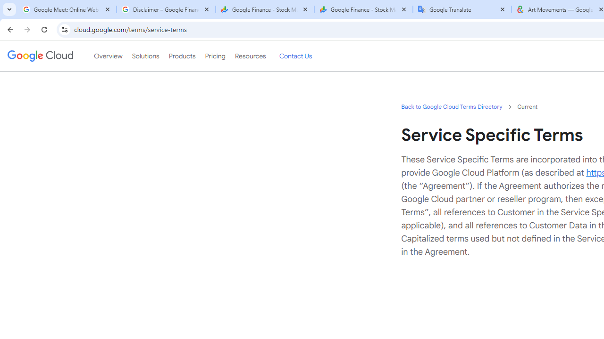 The height and width of the screenshot is (339, 604). Describe the element at coordinates (64, 29) in the screenshot. I see `'View site information'` at that location.